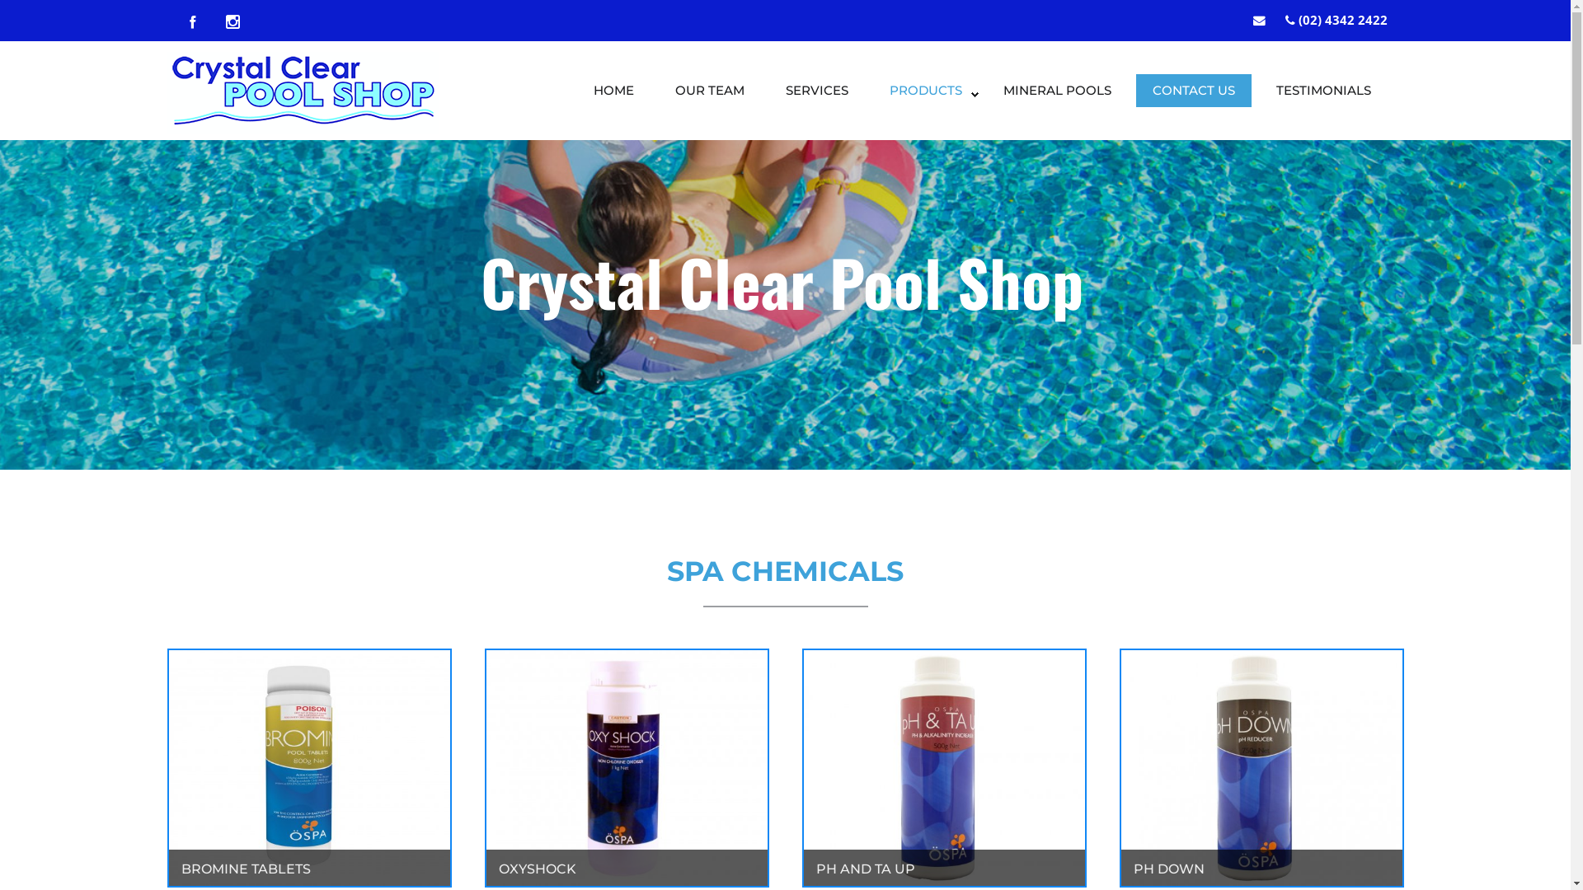 The height and width of the screenshot is (890, 1583). What do you see at coordinates (1323, 90) in the screenshot?
I see `'TESTIMONIALS'` at bounding box center [1323, 90].